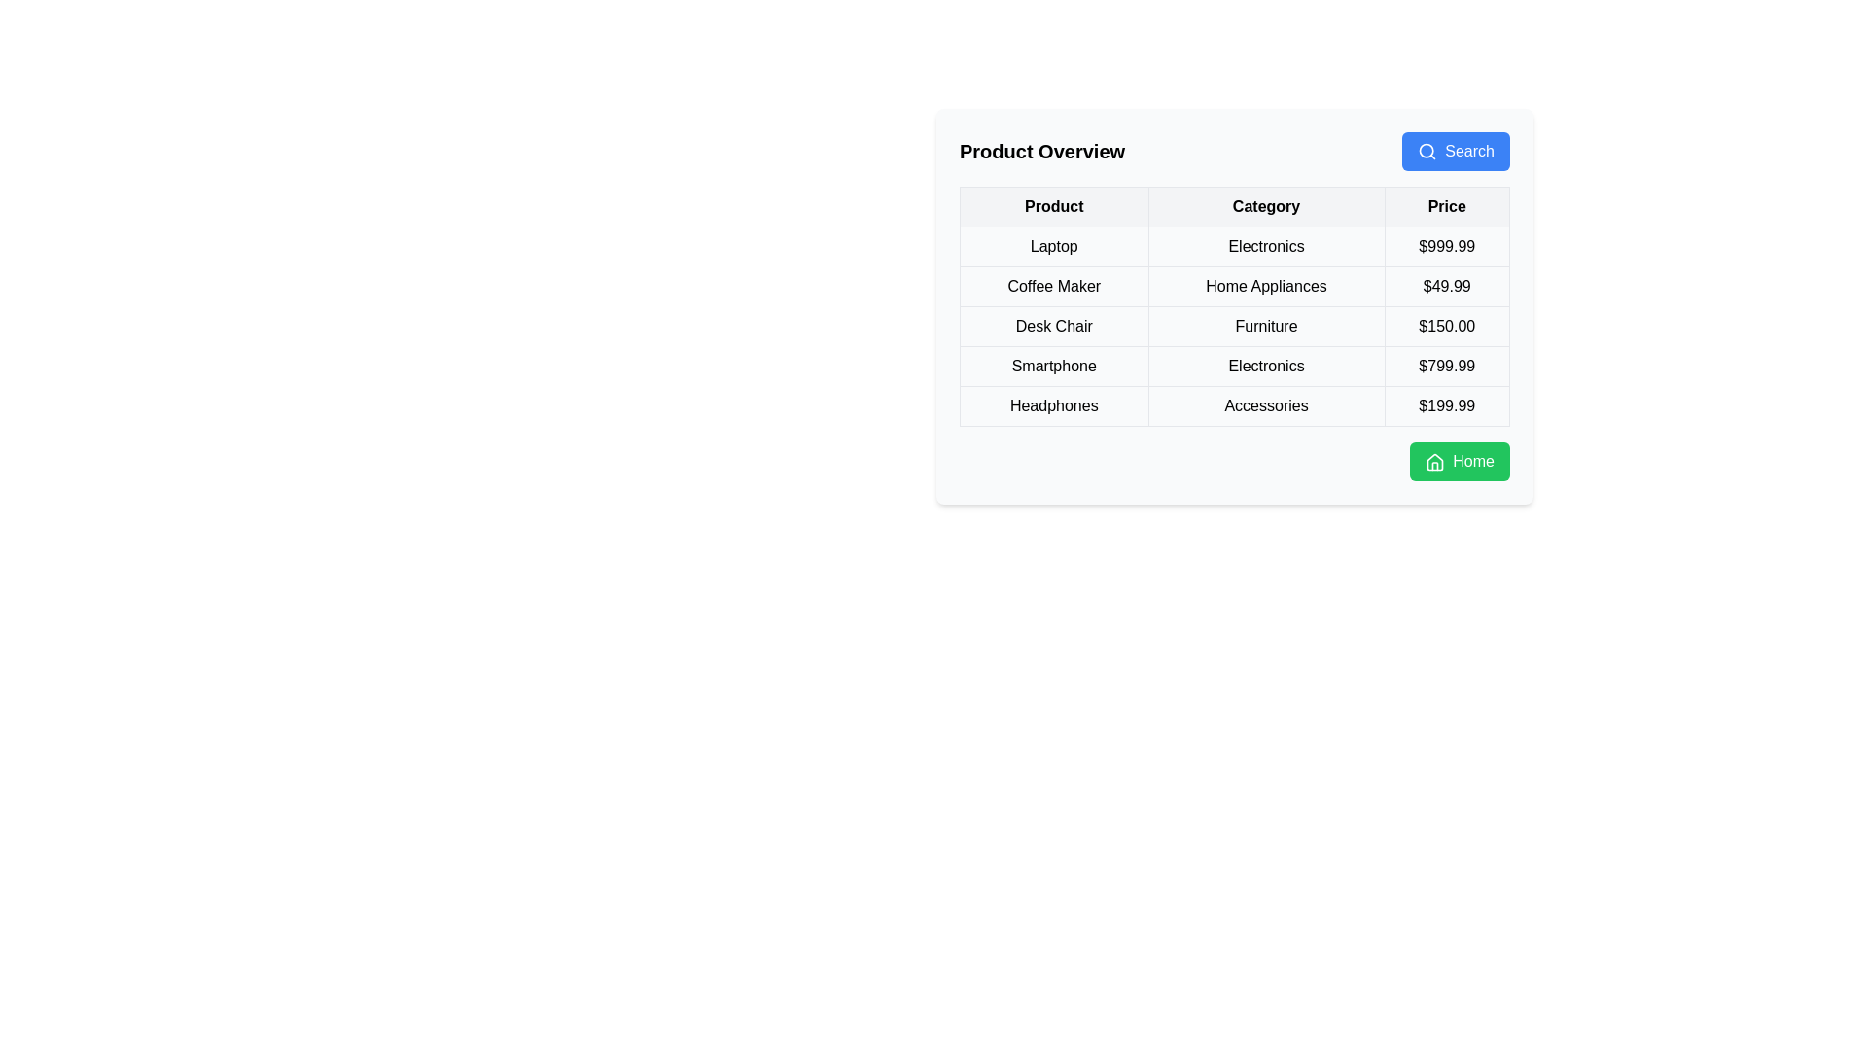 The height and width of the screenshot is (1050, 1867). What do you see at coordinates (1053, 325) in the screenshot?
I see `the text label reading 'Desk Chair' which is the third row in the table under the 'Product' column` at bounding box center [1053, 325].